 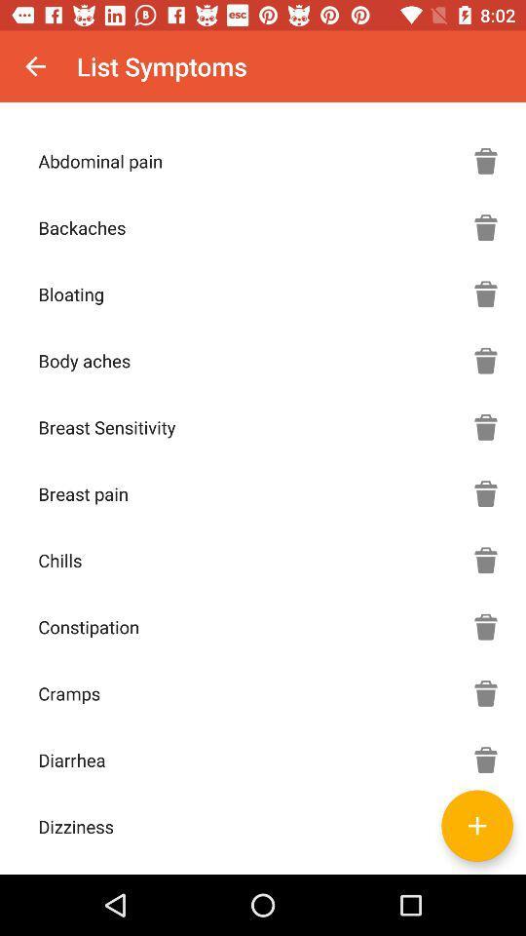 What do you see at coordinates (485, 560) in the screenshot?
I see `remove symptom` at bounding box center [485, 560].